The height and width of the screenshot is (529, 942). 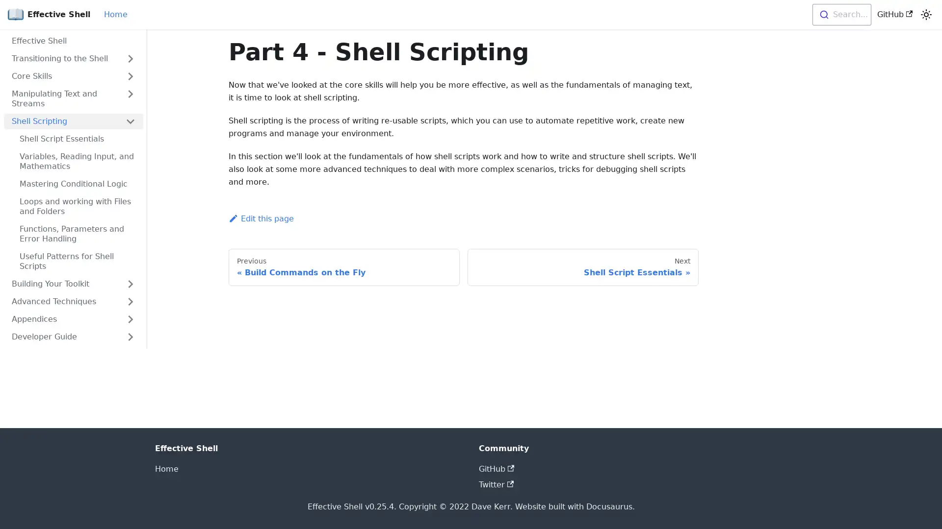 I want to click on Switch between dark and light mode (currently light mode), so click(x=925, y=15).